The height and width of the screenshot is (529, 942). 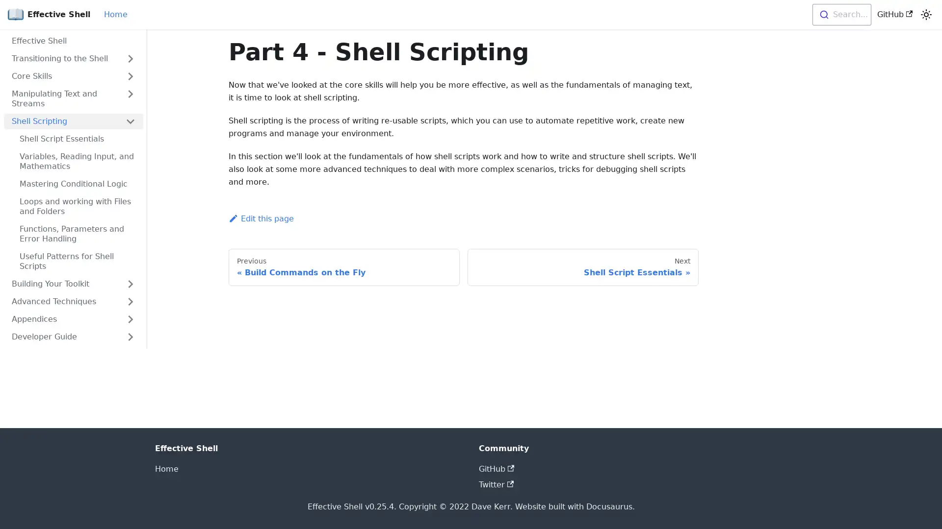 I want to click on Switch between dark and light mode (currently light mode), so click(x=925, y=15).